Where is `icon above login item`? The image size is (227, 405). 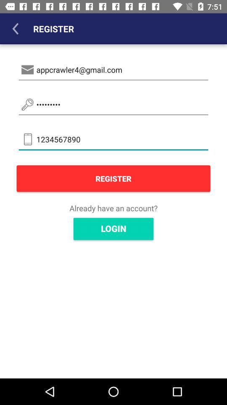 icon above login item is located at coordinates (113, 208).